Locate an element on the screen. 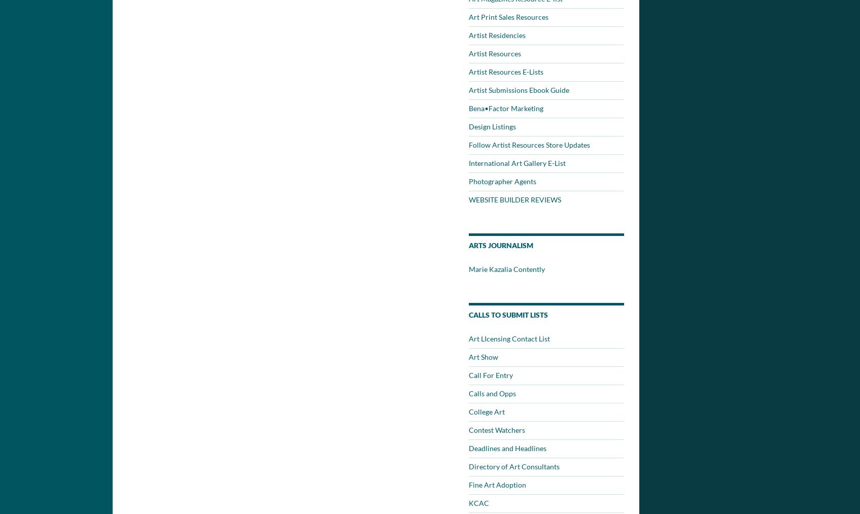 The image size is (860, 514). 'Artist Residencies' is located at coordinates (497, 35).